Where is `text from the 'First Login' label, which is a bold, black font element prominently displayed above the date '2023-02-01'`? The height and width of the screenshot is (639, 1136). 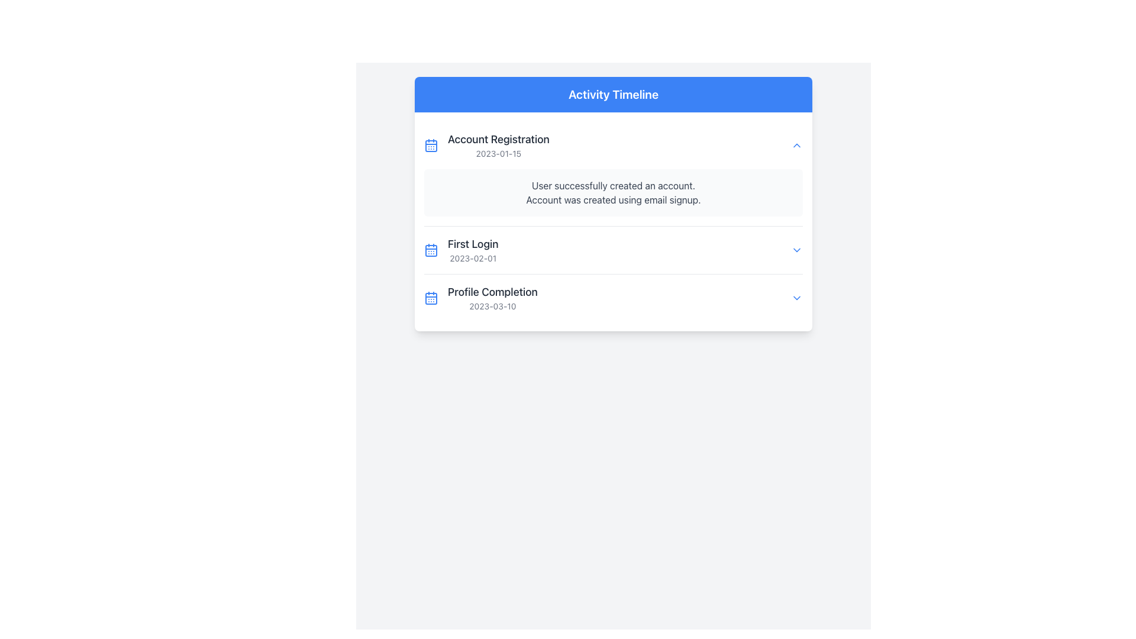 text from the 'First Login' label, which is a bold, black font element prominently displayed above the date '2023-02-01' is located at coordinates (472, 243).